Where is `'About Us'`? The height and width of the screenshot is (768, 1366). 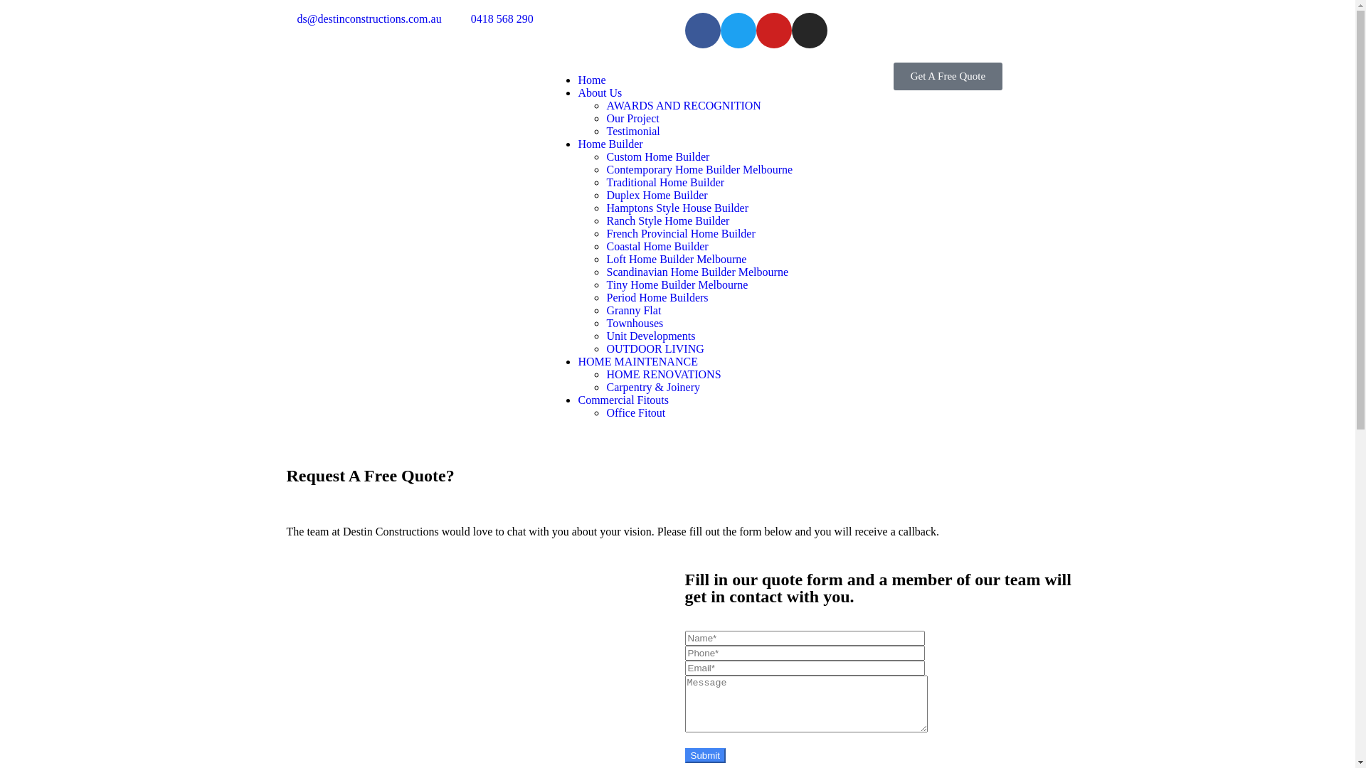
'About Us' is located at coordinates (577, 92).